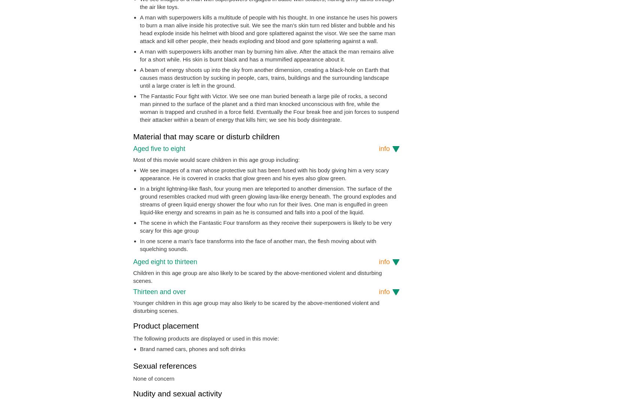 Image resolution: width=641 pixels, height=402 pixels. I want to click on 'In one scene a man’s face transforms into the face of another man, the flesh moving about with squelching sounds.', so click(257, 244).